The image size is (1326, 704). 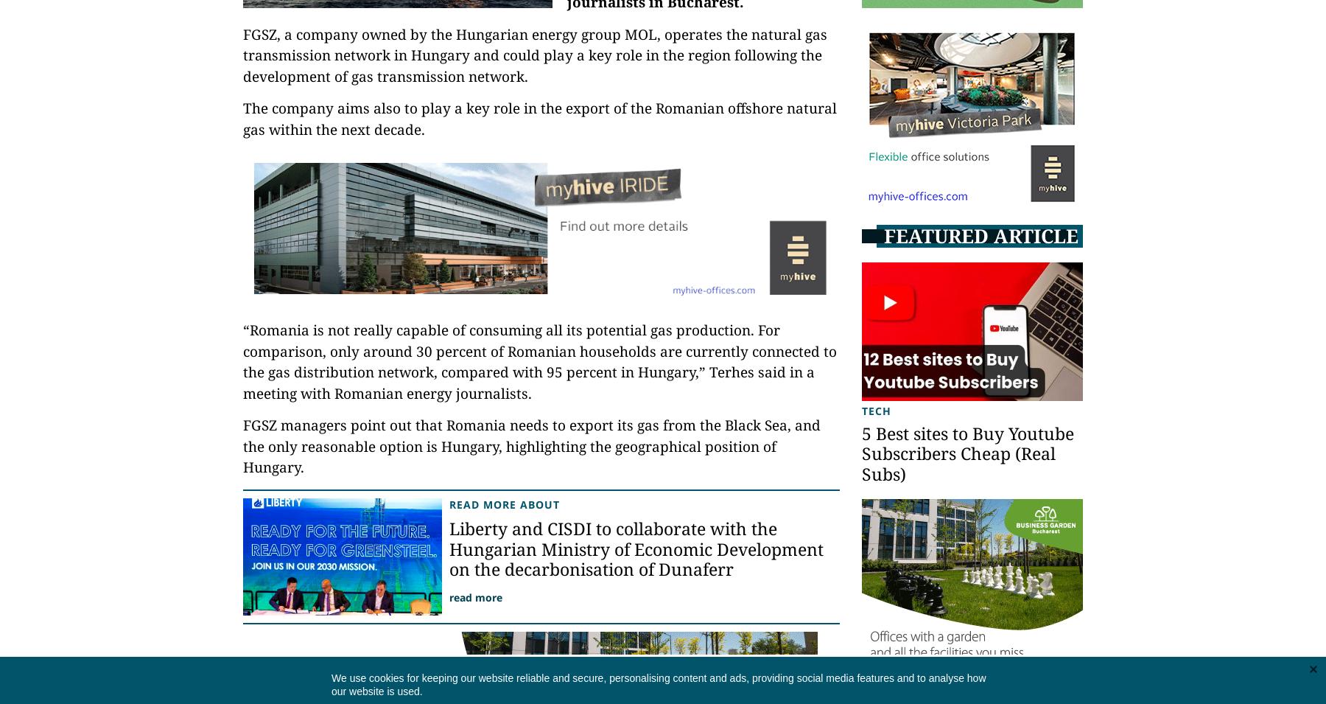 I want to click on 'FGSZ, a company owned by the Hungarian energy group MOL, operates the natural gas transmission network in Hungary and could play a key role in the region following the development of gas transmission network.', so click(x=534, y=54).